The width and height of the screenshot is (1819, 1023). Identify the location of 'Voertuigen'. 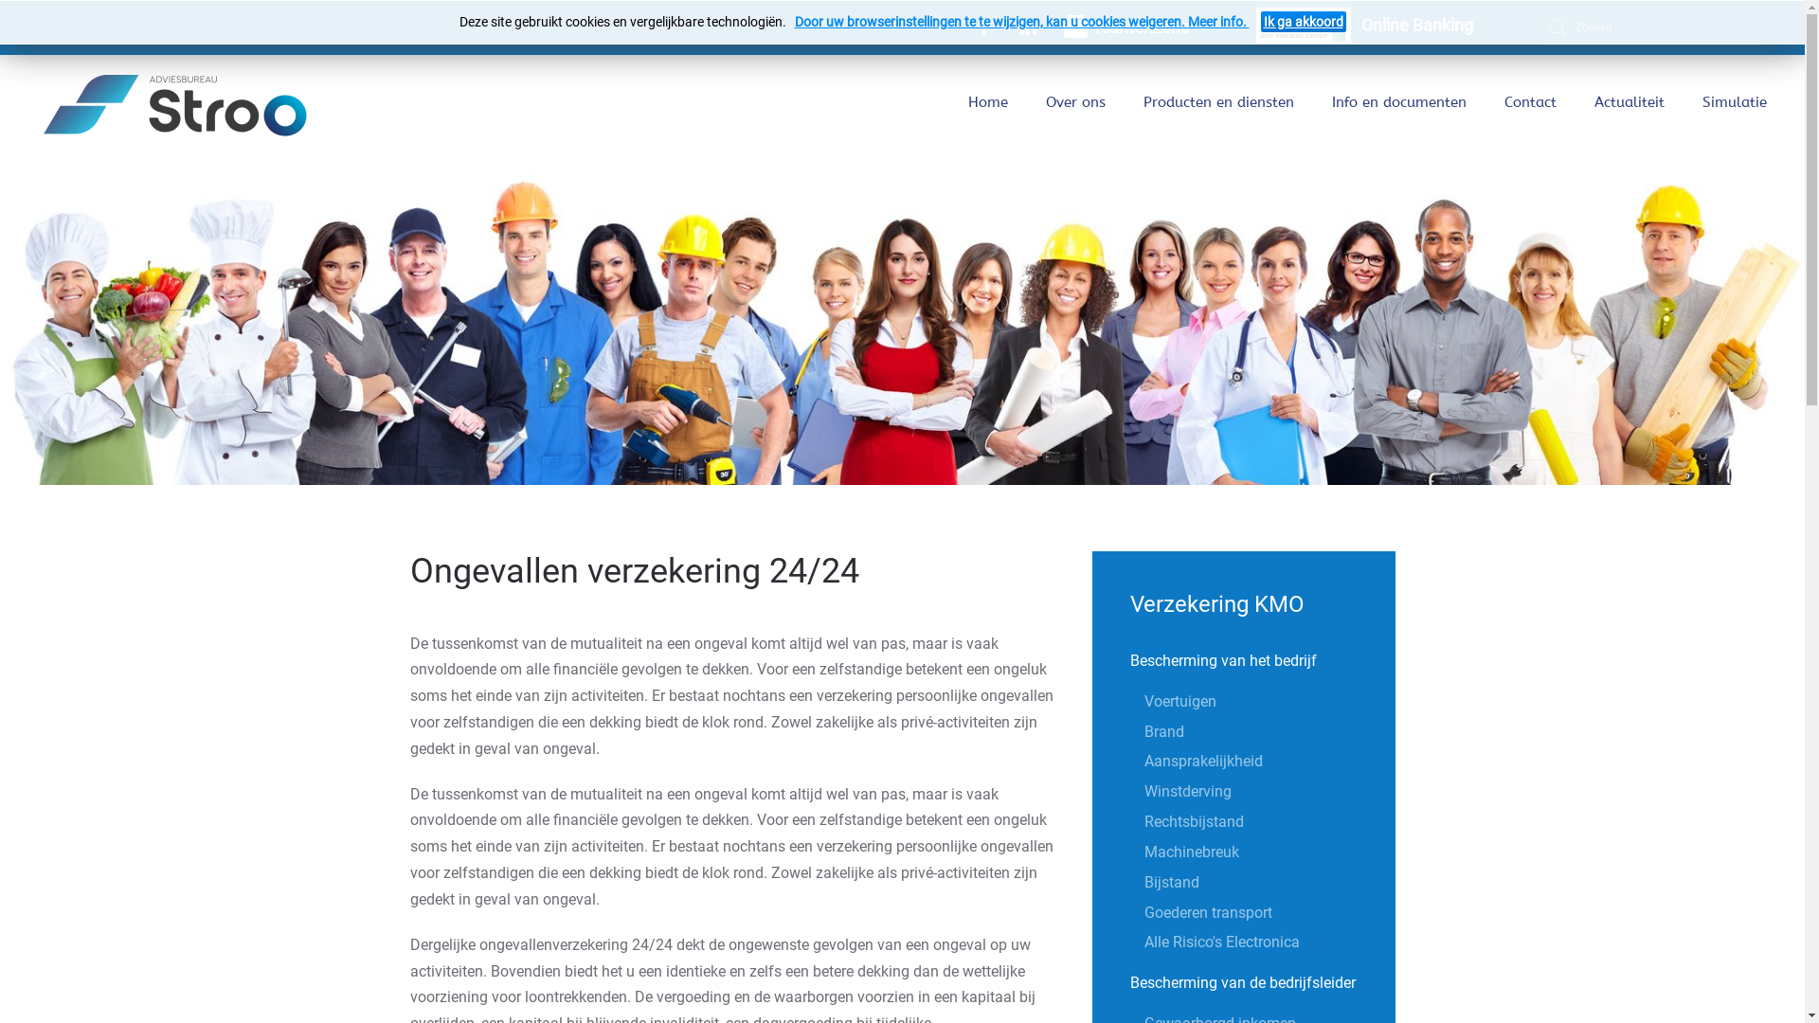
(1144, 701).